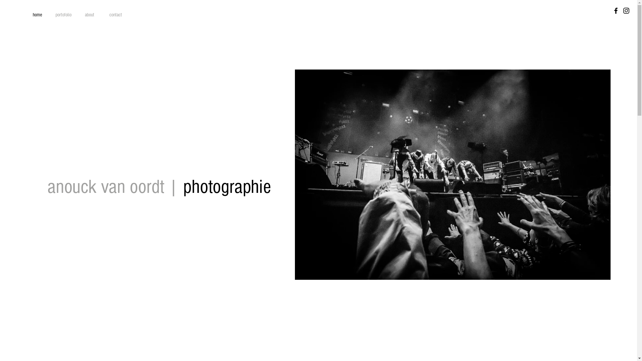  Describe the element at coordinates (89, 15) in the screenshot. I see `'about'` at that location.